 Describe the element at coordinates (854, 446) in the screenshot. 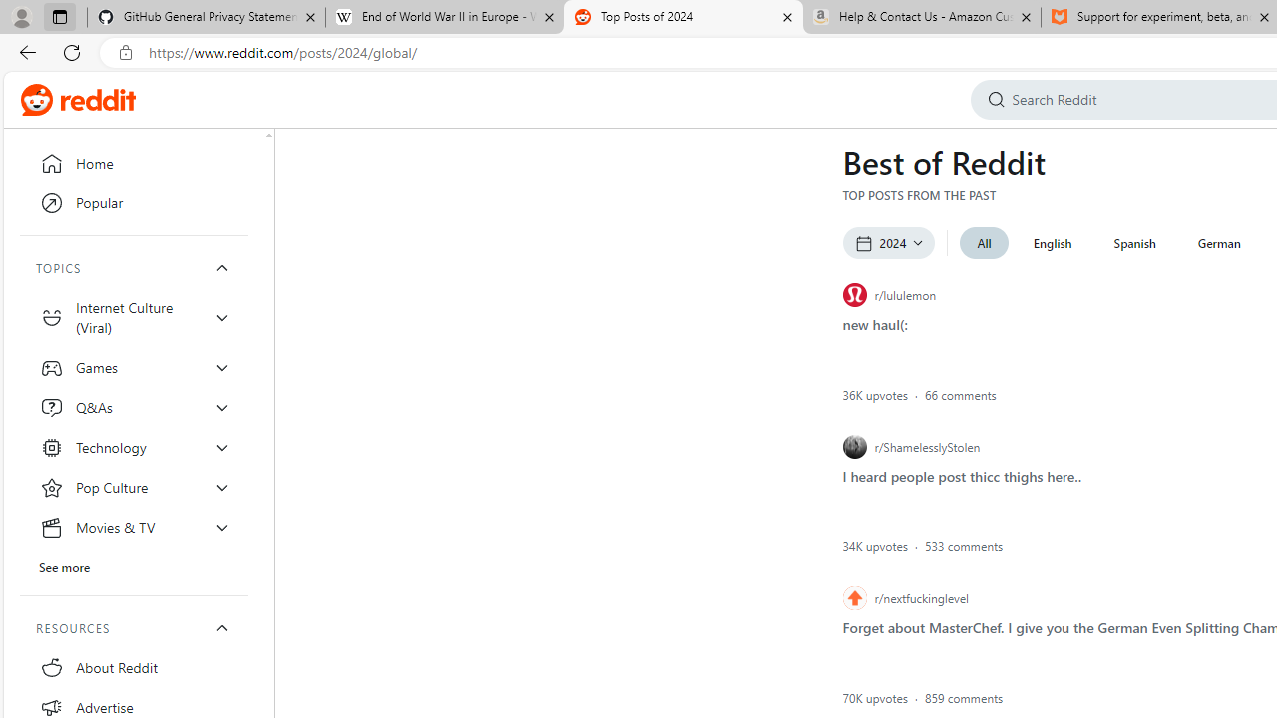

I see `'r/ShamelesslyStolen icon'` at that location.